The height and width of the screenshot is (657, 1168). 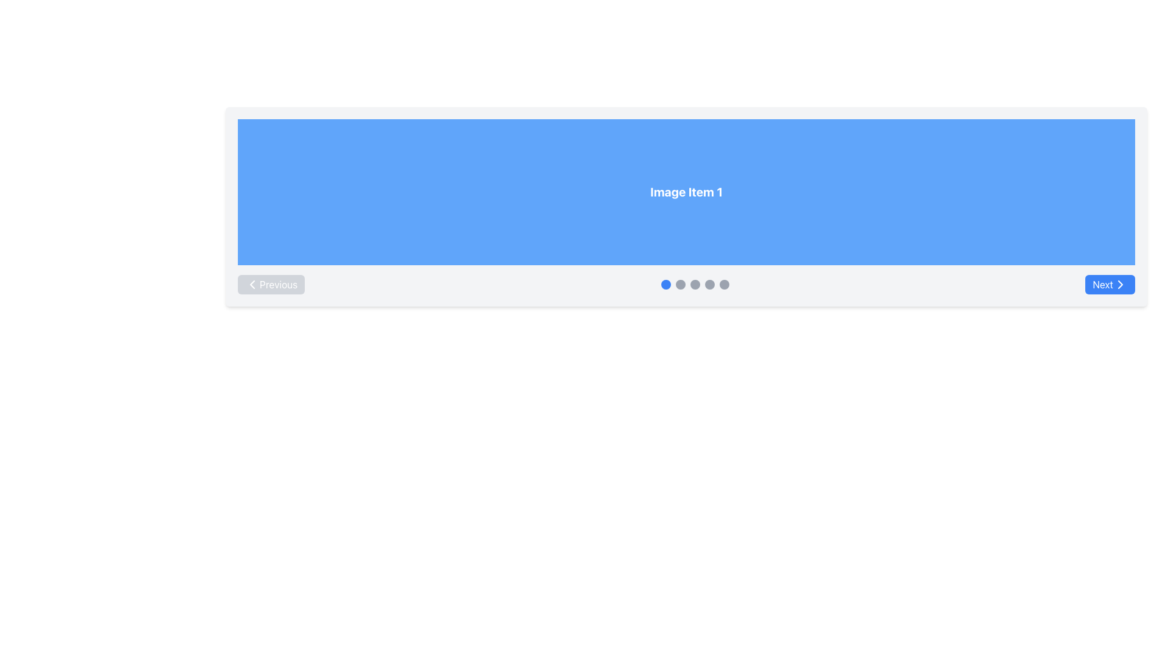 What do you see at coordinates (665, 284) in the screenshot?
I see `the first circular button with a blue fill color located in a horizontal row of five buttons at the bottom center of the interface` at bounding box center [665, 284].